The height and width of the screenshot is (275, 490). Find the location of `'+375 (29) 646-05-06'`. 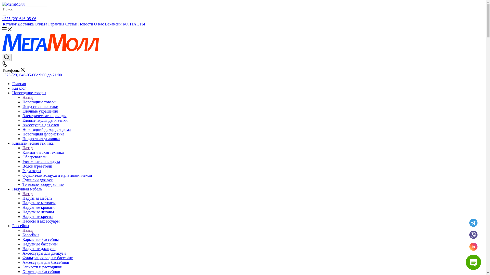

'+375 (29) 646-05-06' is located at coordinates (19, 18).